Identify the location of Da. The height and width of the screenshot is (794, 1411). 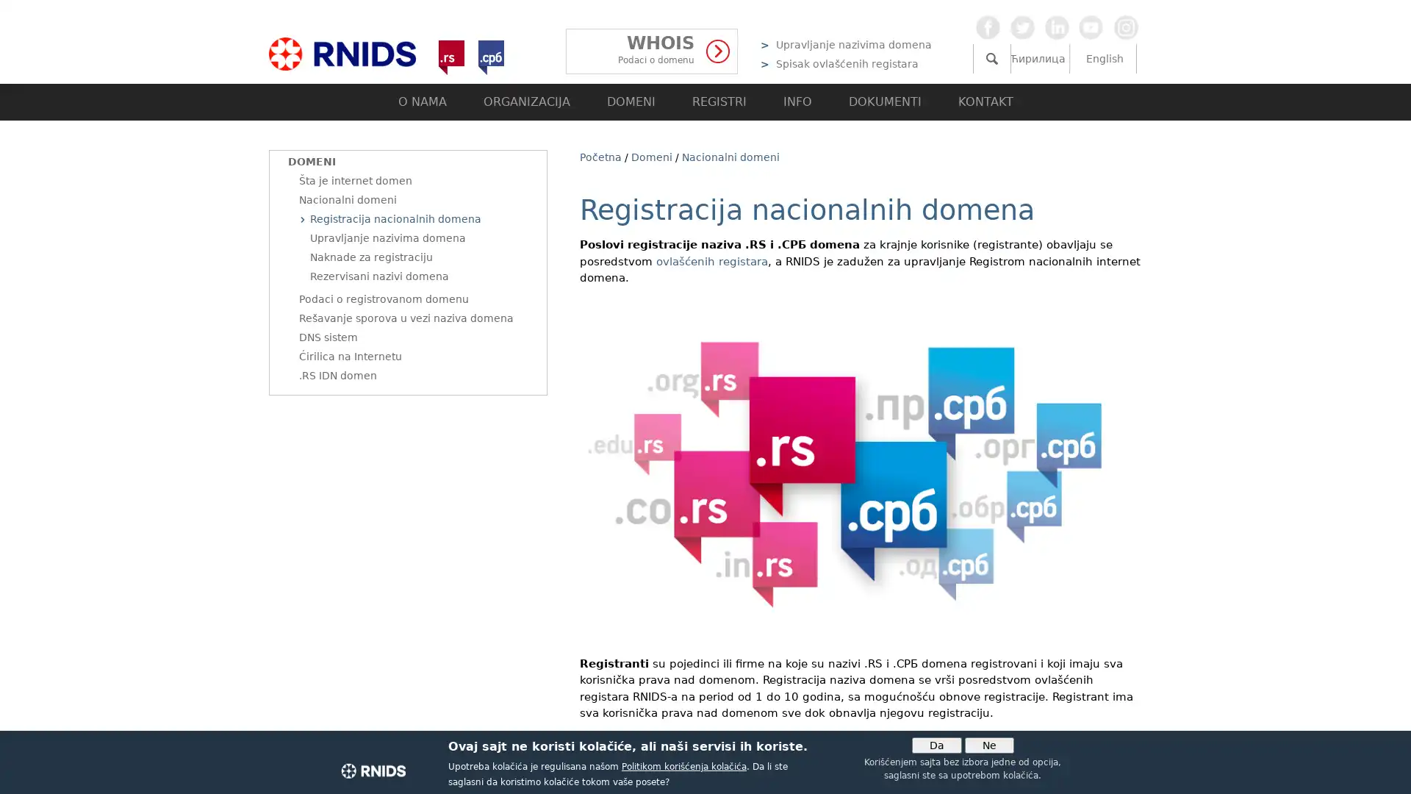
(935, 745).